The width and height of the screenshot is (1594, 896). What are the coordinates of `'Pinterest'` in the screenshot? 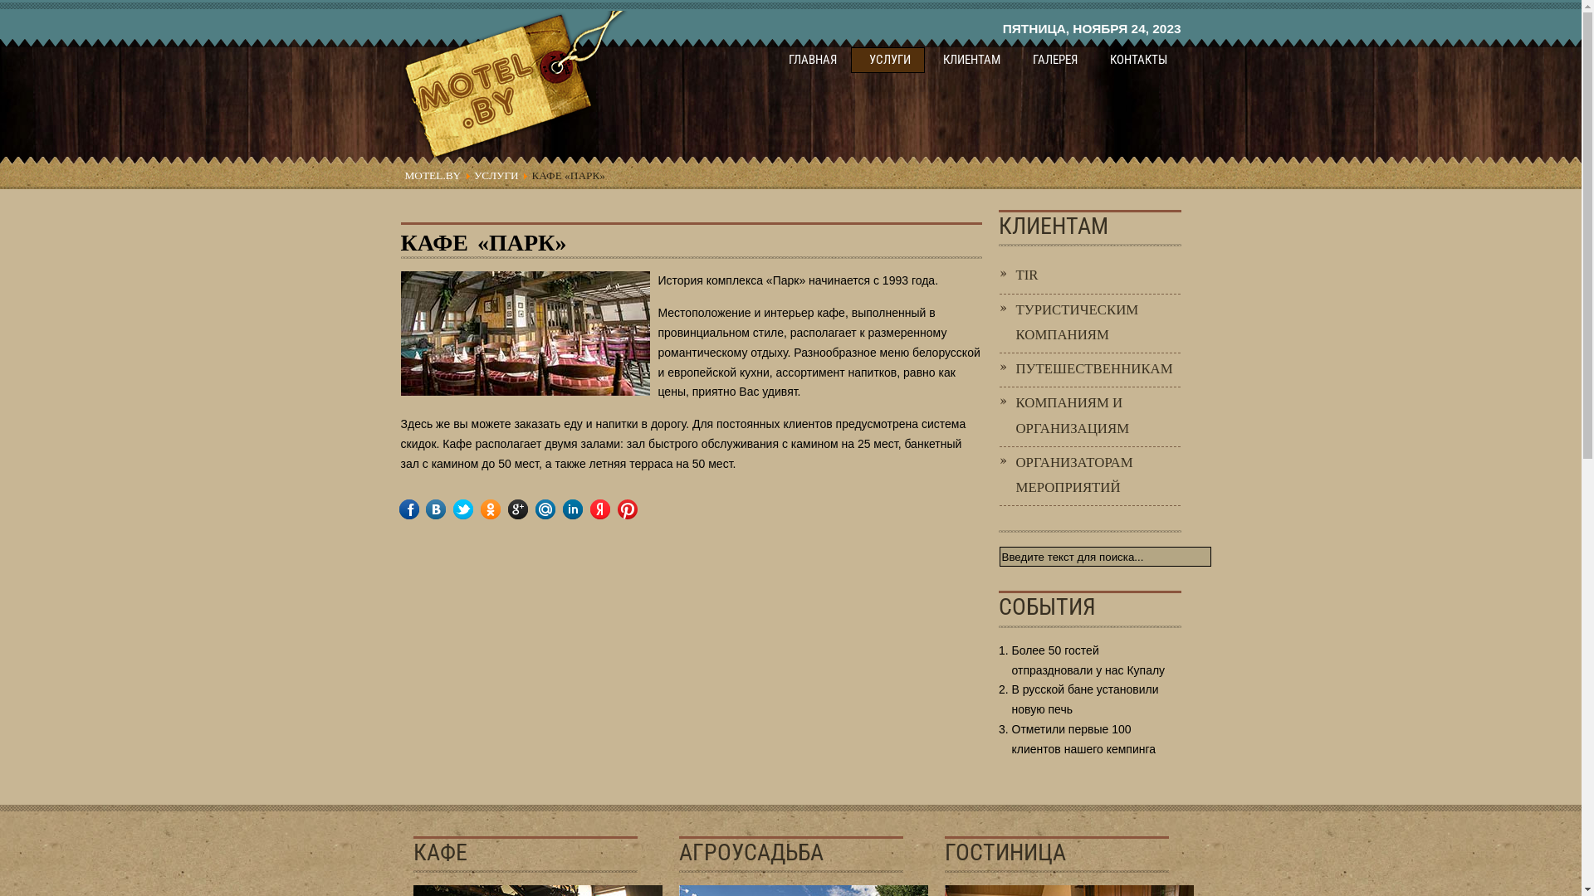 It's located at (638, 508).